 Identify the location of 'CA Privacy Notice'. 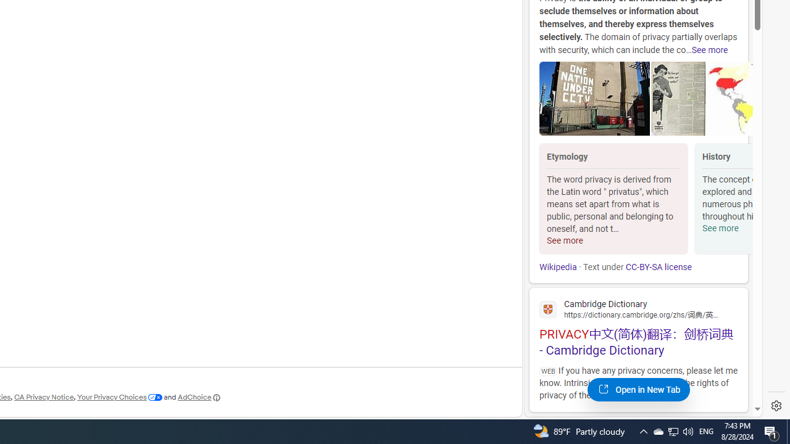
(44, 397).